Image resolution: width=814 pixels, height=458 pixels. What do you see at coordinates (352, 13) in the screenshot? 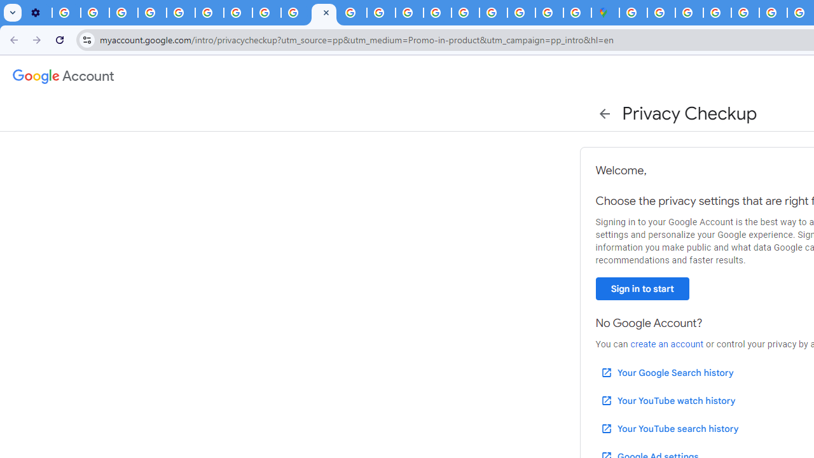
I see `'https://scholar.google.com/'` at bounding box center [352, 13].